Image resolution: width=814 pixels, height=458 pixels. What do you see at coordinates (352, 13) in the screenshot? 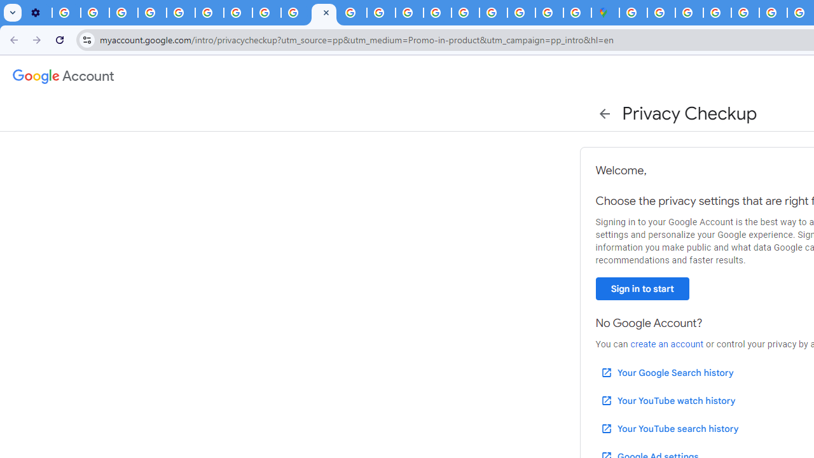
I see `'https://scholar.google.com/'` at bounding box center [352, 13].